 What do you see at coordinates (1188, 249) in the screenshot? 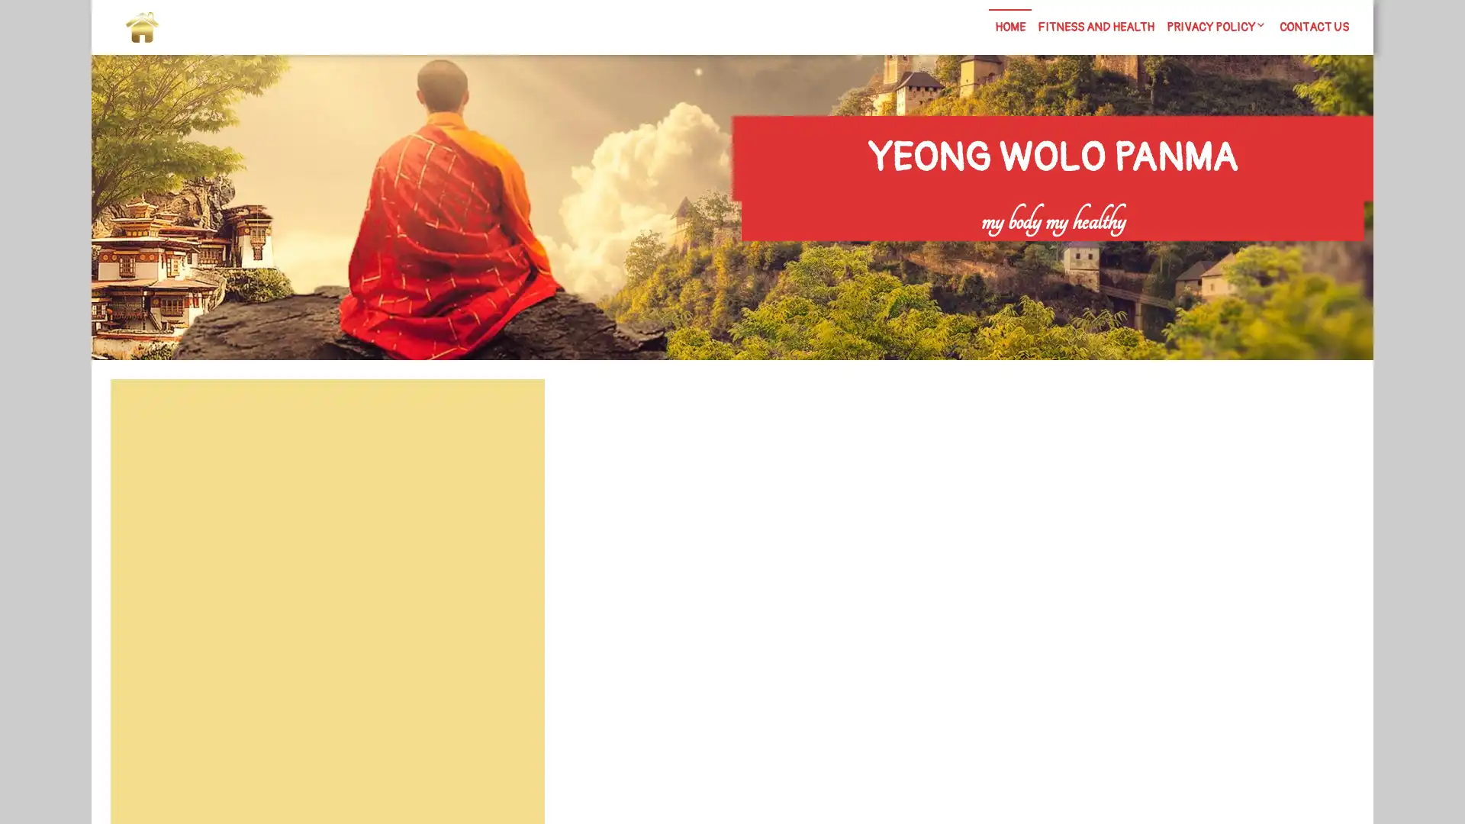
I see `Search` at bounding box center [1188, 249].